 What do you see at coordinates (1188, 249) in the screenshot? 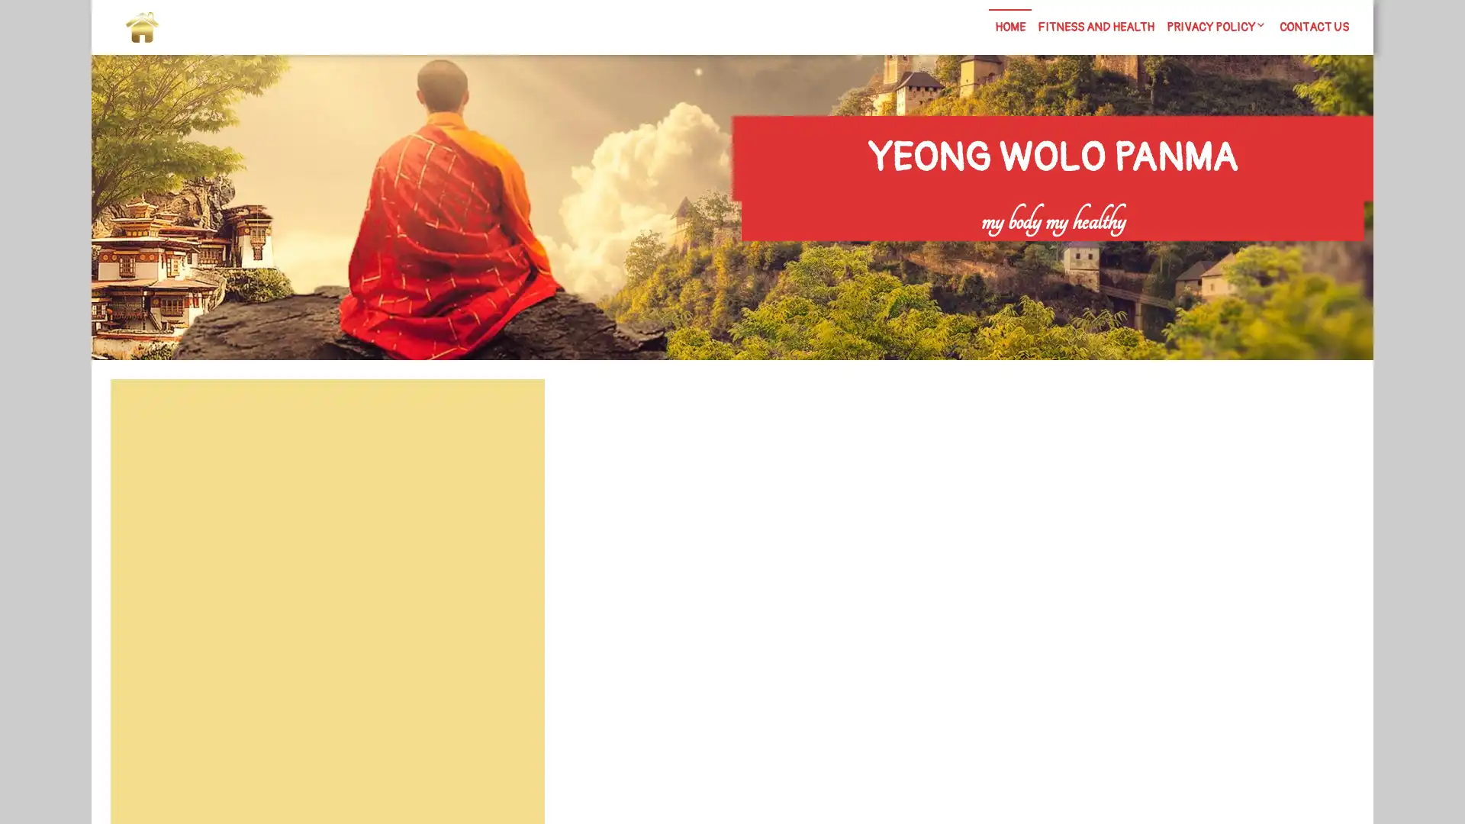
I see `Search` at bounding box center [1188, 249].